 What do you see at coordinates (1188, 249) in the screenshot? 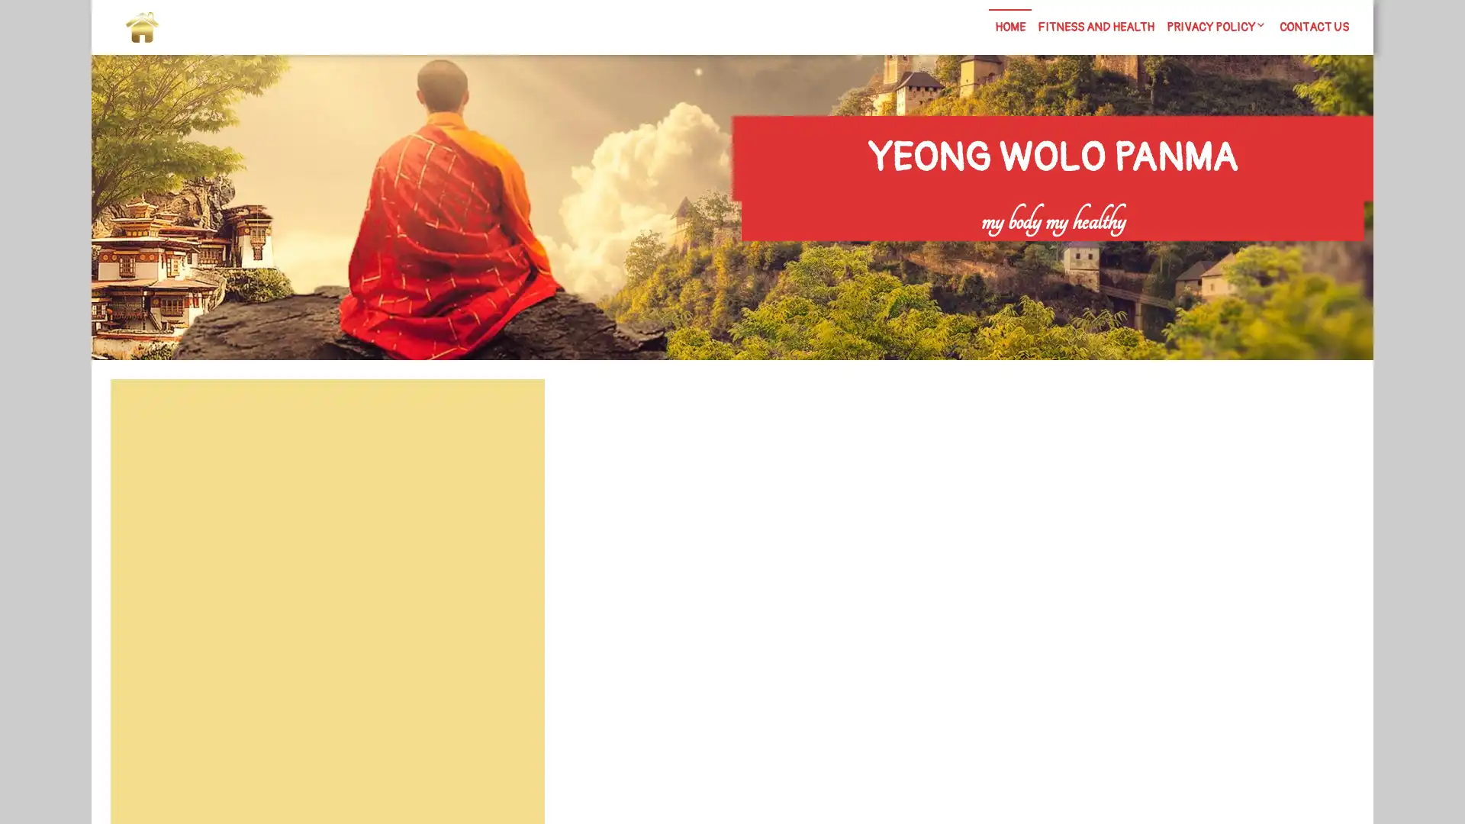
I see `Search` at bounding box center [1188, 249].